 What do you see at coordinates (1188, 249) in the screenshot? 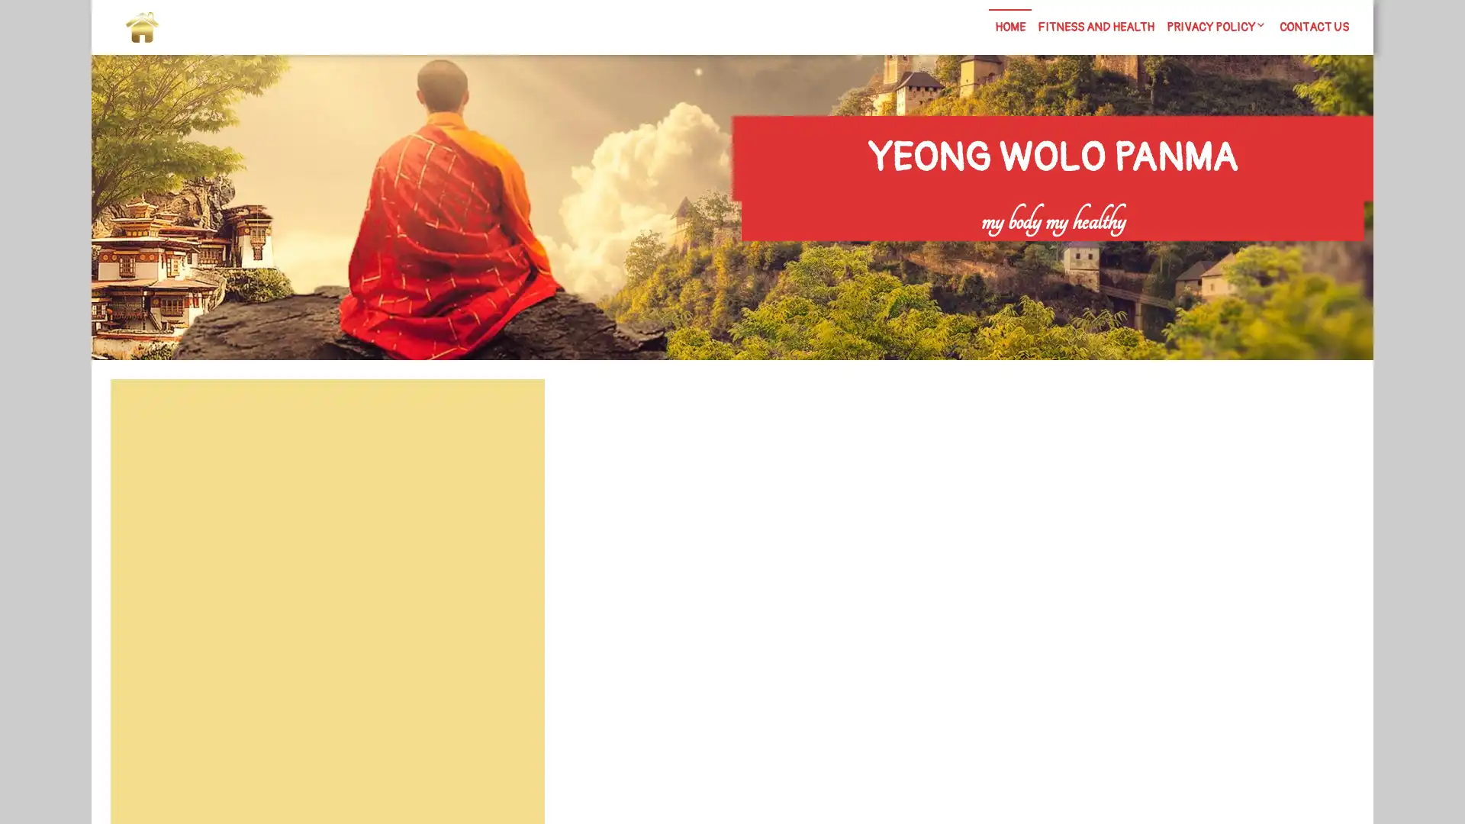
I see `Search` at bounding box center [1188, 249].